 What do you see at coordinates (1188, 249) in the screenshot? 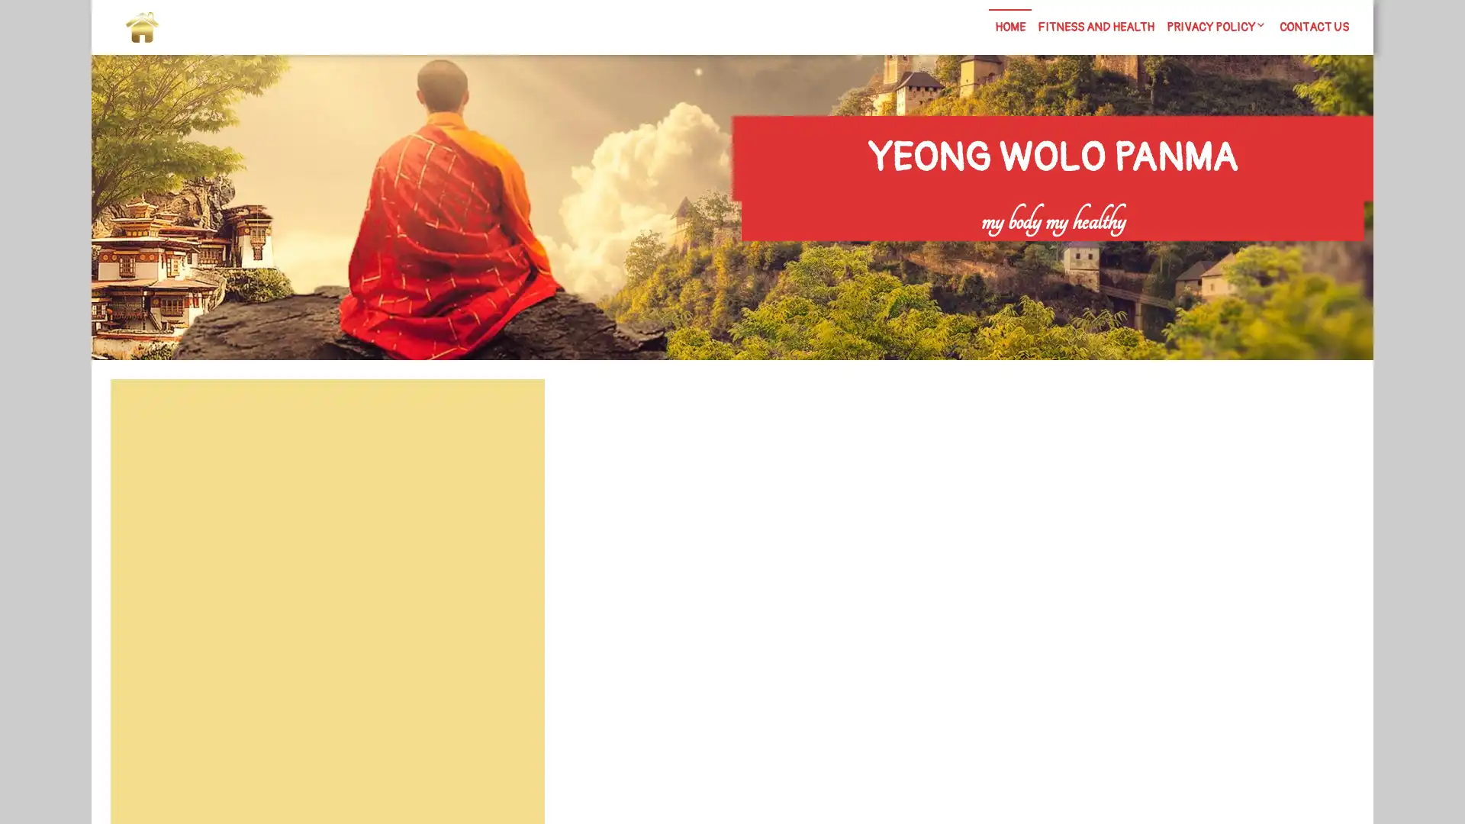
I see `Search` at bounding box center [1188, 249].